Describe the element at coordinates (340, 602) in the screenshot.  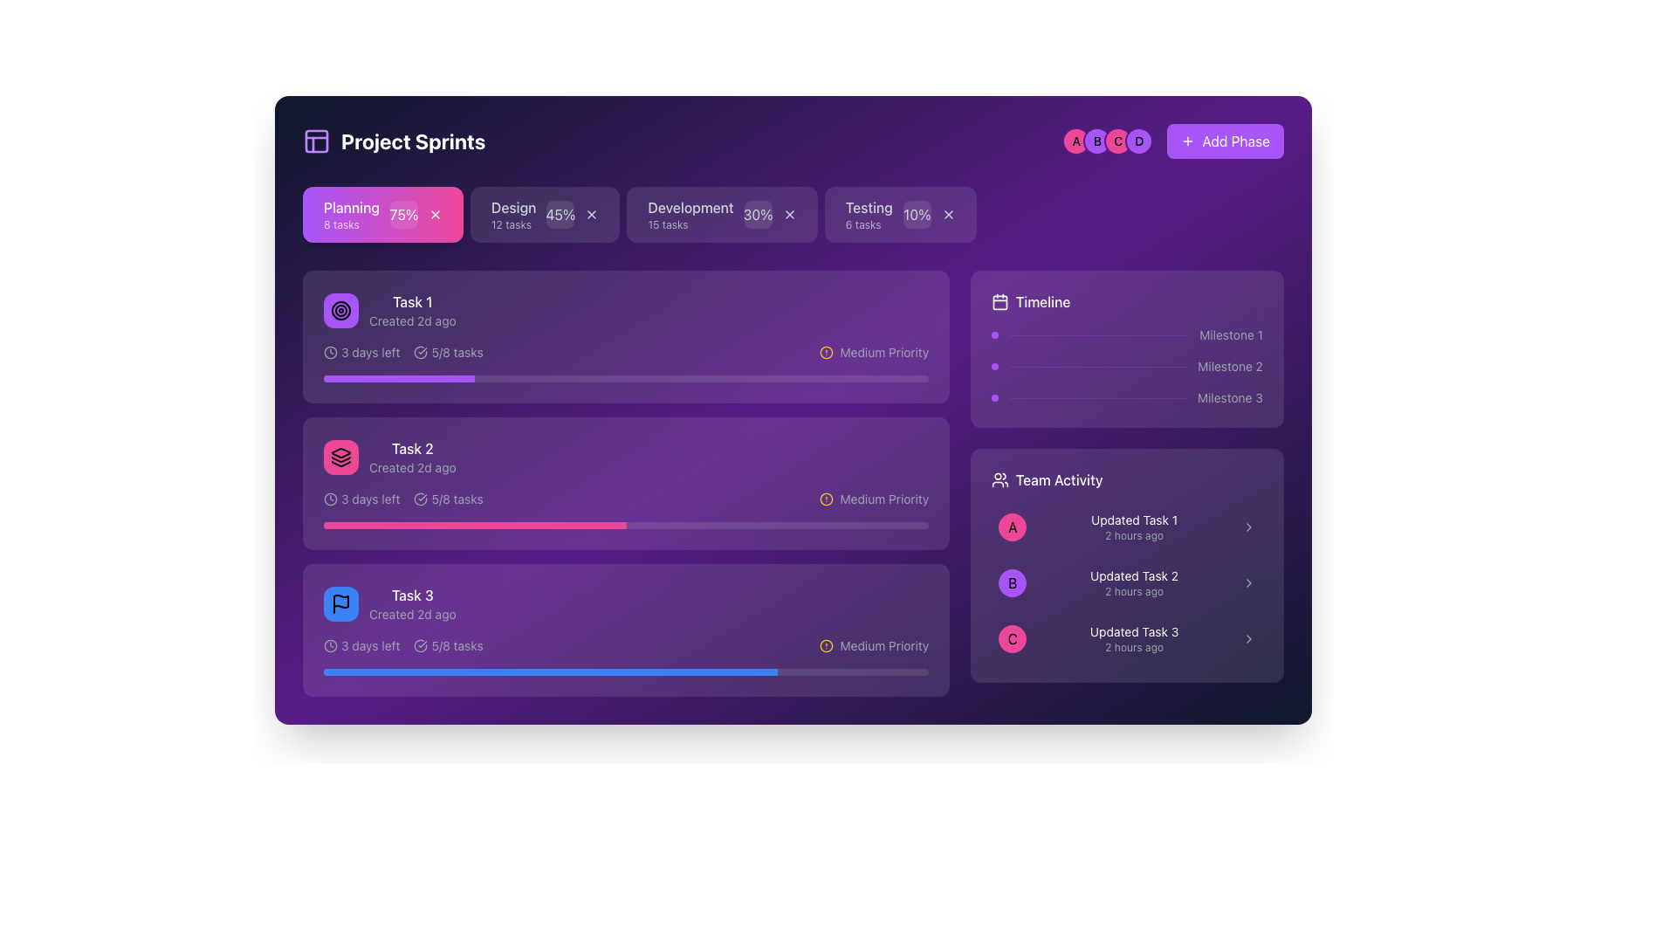
I see `the rounded flag icon with a blue and black color scheme located in the third task card ('Task 3') on the left side of the interface` at that location.